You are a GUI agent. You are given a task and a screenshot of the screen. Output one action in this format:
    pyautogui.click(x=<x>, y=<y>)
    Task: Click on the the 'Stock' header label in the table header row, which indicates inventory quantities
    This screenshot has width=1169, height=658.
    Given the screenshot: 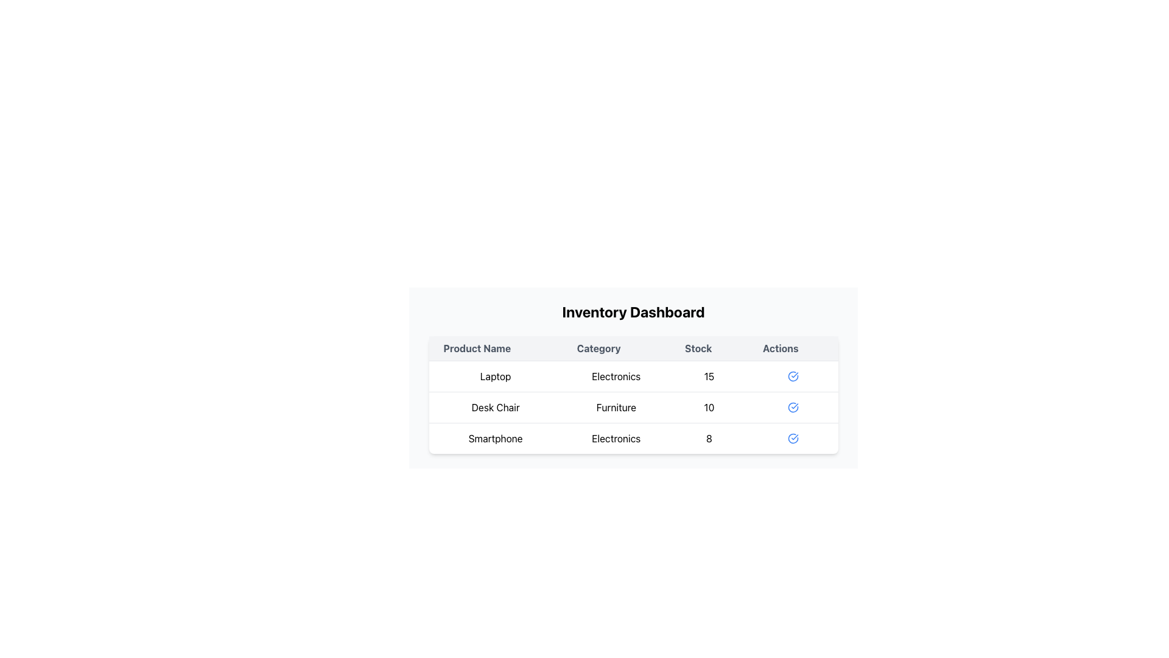 What is the action you would take?
    pyautogui.click(x=709, y=348)
    